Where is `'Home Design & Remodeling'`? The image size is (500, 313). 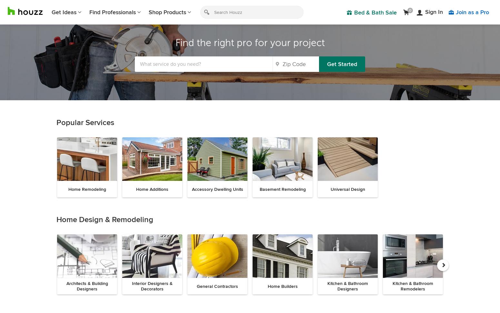 'Home Design & Remodeling' is located at coordinates (105, 220).